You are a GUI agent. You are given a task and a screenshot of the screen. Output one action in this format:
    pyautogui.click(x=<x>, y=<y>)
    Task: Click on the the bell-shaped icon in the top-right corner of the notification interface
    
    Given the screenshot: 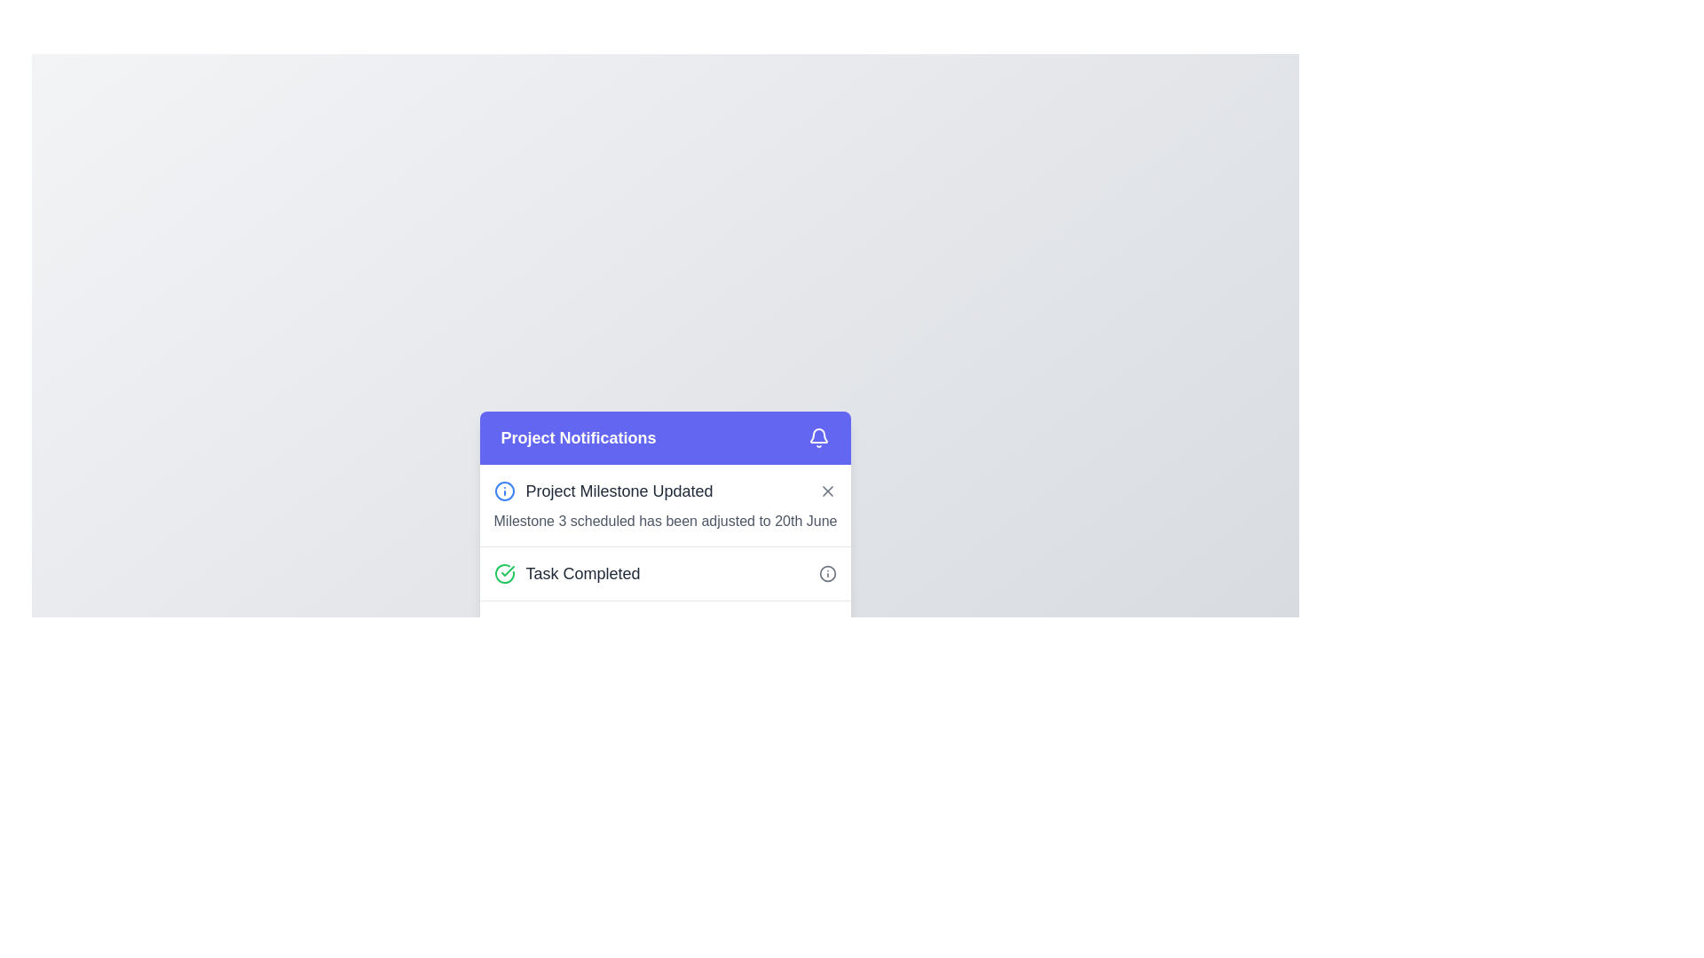 What is the action you would take?
    pyautogui.click(x=818, y=436)
    